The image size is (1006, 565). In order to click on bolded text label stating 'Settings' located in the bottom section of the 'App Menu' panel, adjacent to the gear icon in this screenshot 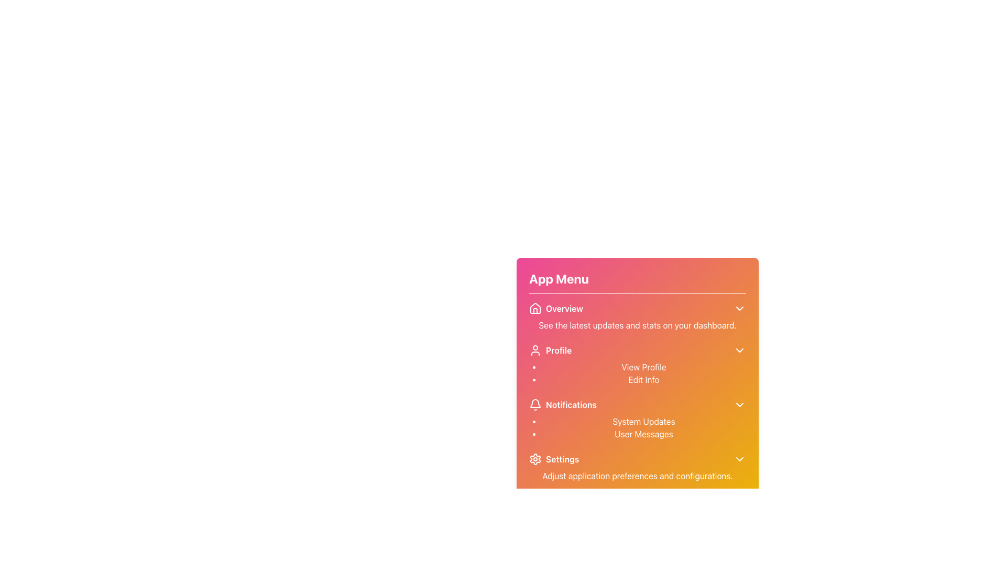, I will do `click(562, 459)`.